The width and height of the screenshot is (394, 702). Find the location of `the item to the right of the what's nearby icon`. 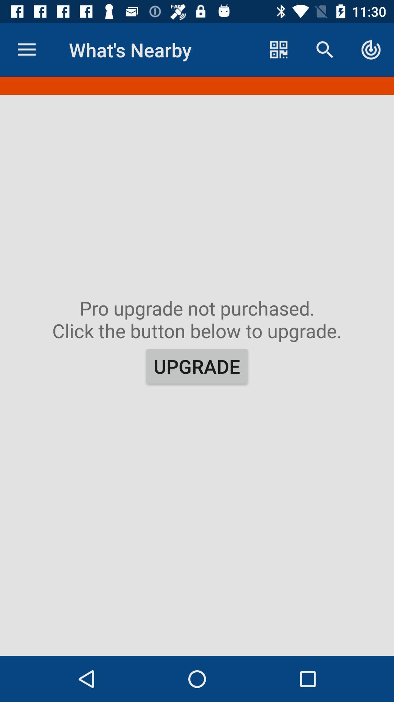

the item to the right of the what's nearby icon is located at coordinates (279, 49).